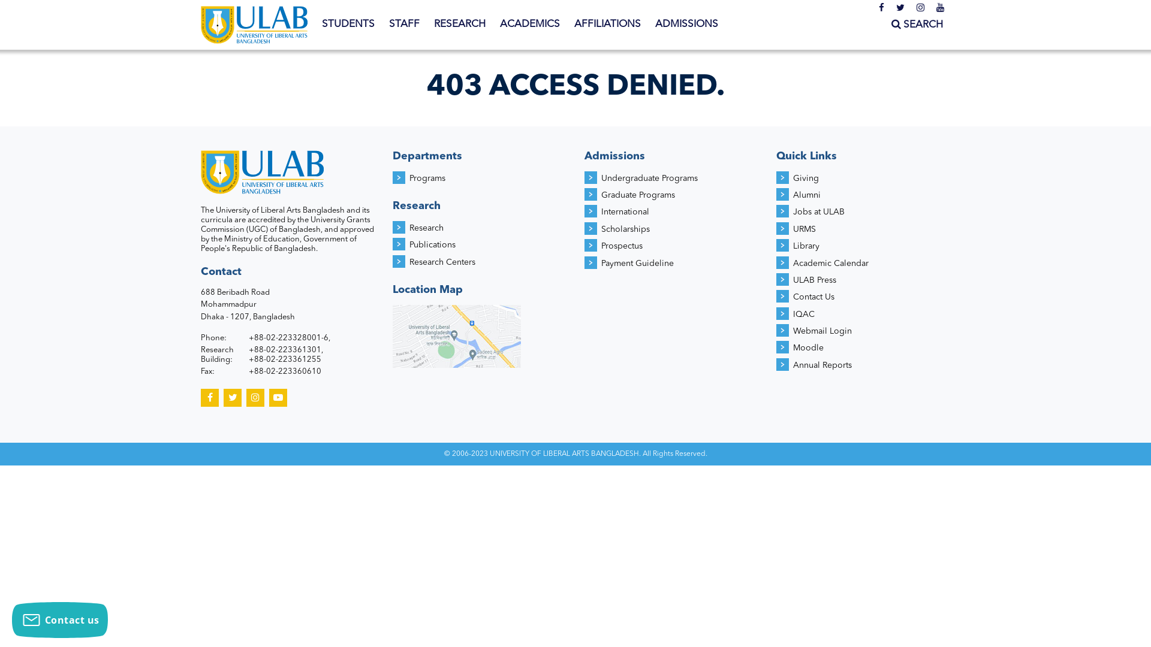 This screenshot has height=647, width=1151. I want to click on 'Alumni', so click(806, 195).